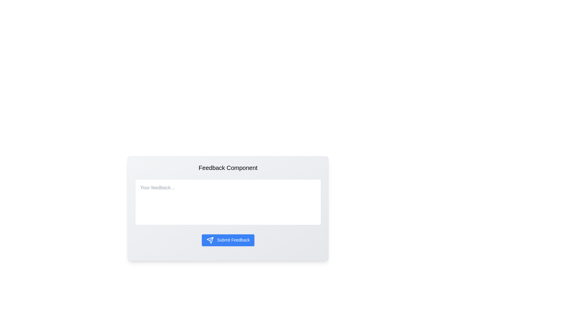  Describe the element at coordinates (210, 240) in the screenshot. I see `the 'Submit Feedback' button containing the arrow icon used for sending feedback` at that location.